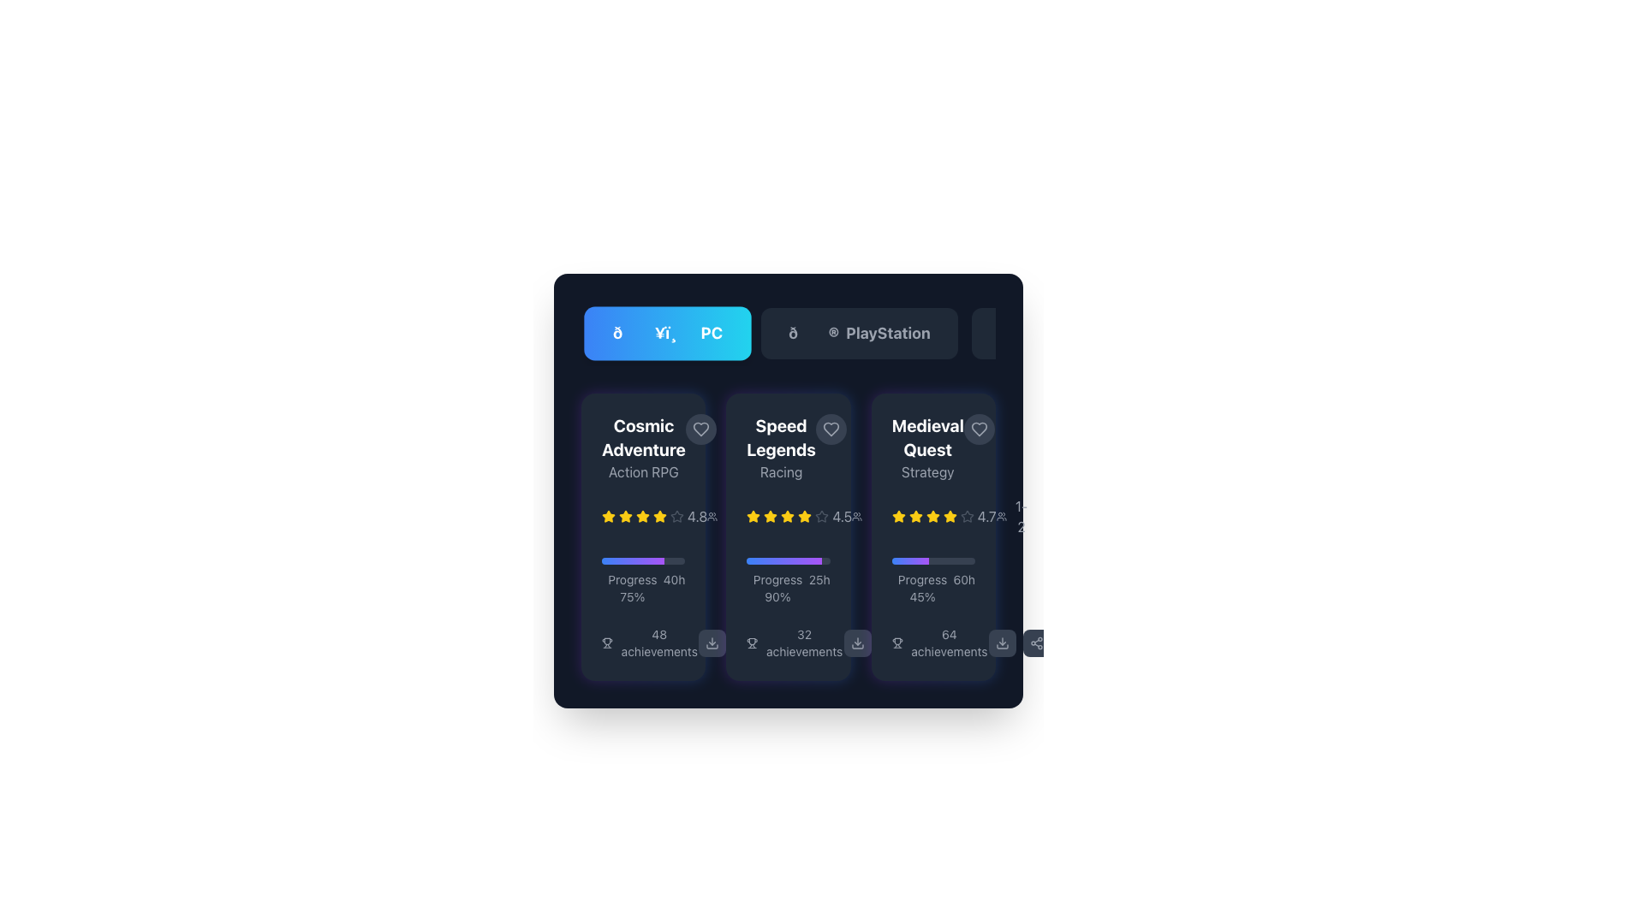 The width and height of the screenshot is (1644, 924). Describe the element at coordinates (831, 428) in the screenshot. I see `the heart icon button located in the top-right corner of the second card, adjacent to the 'Speed Legends' title` at that location.